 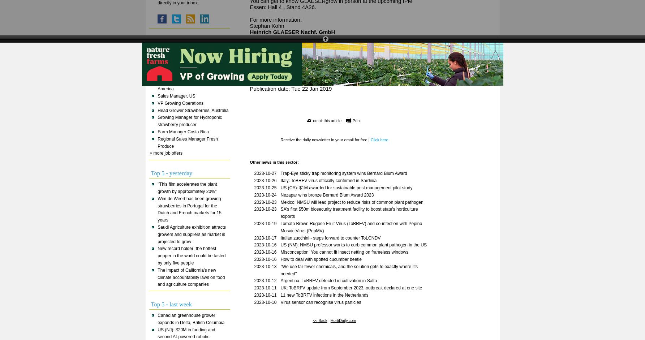 I want to click on 'Canadian greenhouse grower expands in Delta, British Columbia', so click(x=191, y=319).